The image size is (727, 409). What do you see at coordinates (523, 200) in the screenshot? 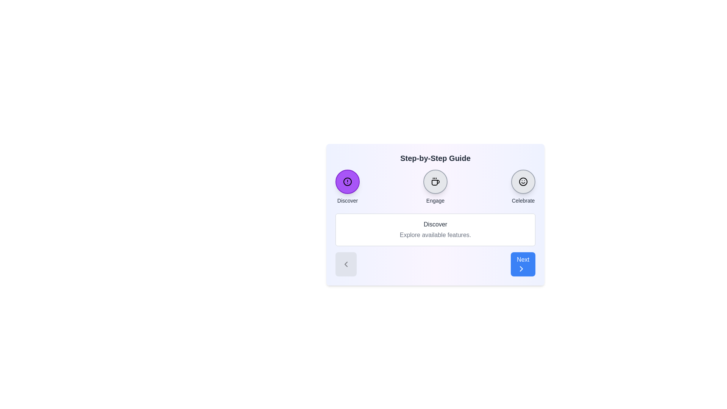
I see `the text label 'Celebrate' located at the bottom of the rightmost section of the interface, which provides a description for the circular smiley face icon above it` at bounding box center [523, 200].